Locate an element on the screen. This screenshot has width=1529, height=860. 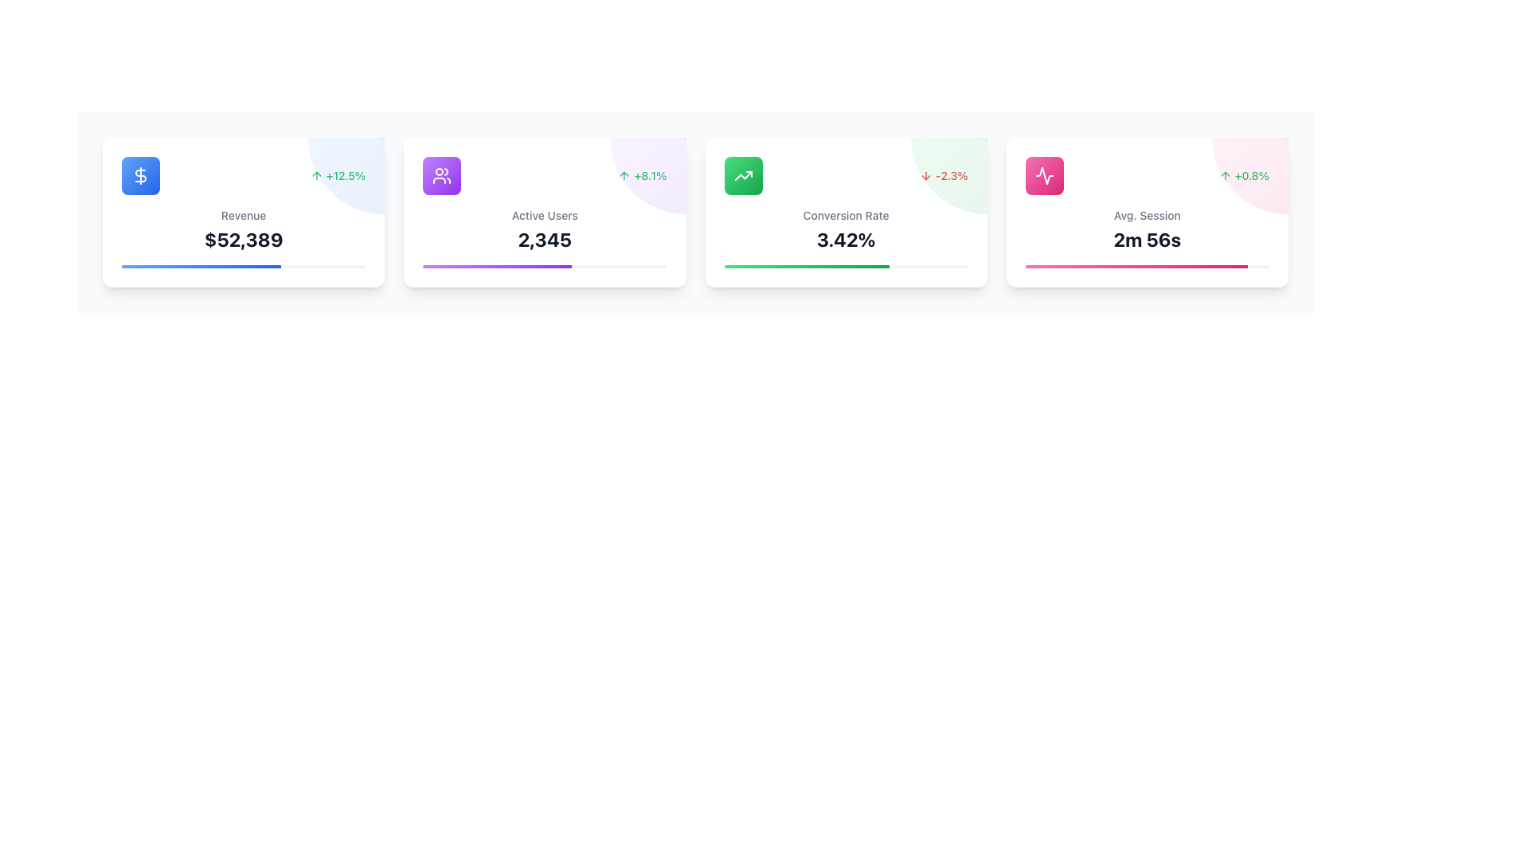
the upward trend icon is located at coordinates (624, 175).